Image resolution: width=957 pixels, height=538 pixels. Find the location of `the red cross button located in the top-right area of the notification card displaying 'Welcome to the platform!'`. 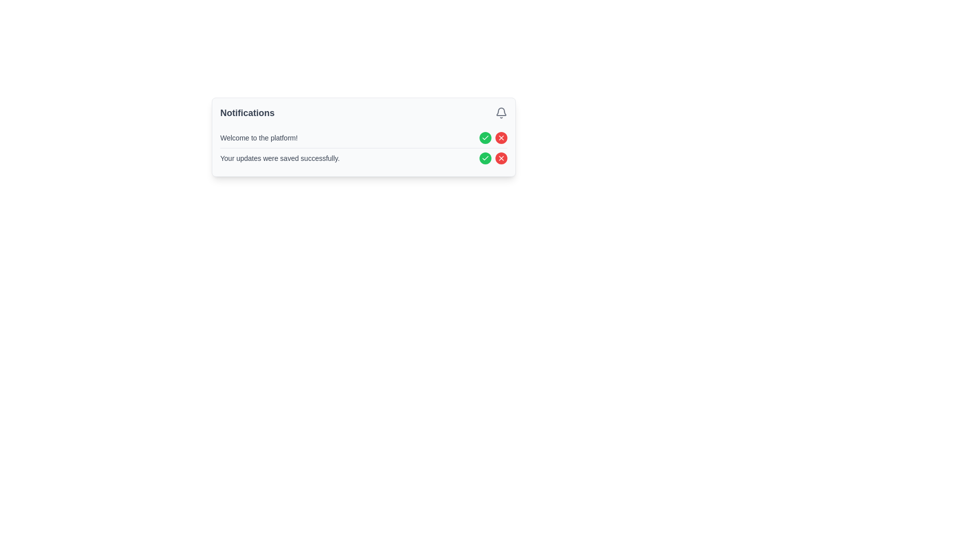

the red cross button located in the top-right area of the notification card displaying 'Welcome to the platform!' is located at coordinates (493, 138).